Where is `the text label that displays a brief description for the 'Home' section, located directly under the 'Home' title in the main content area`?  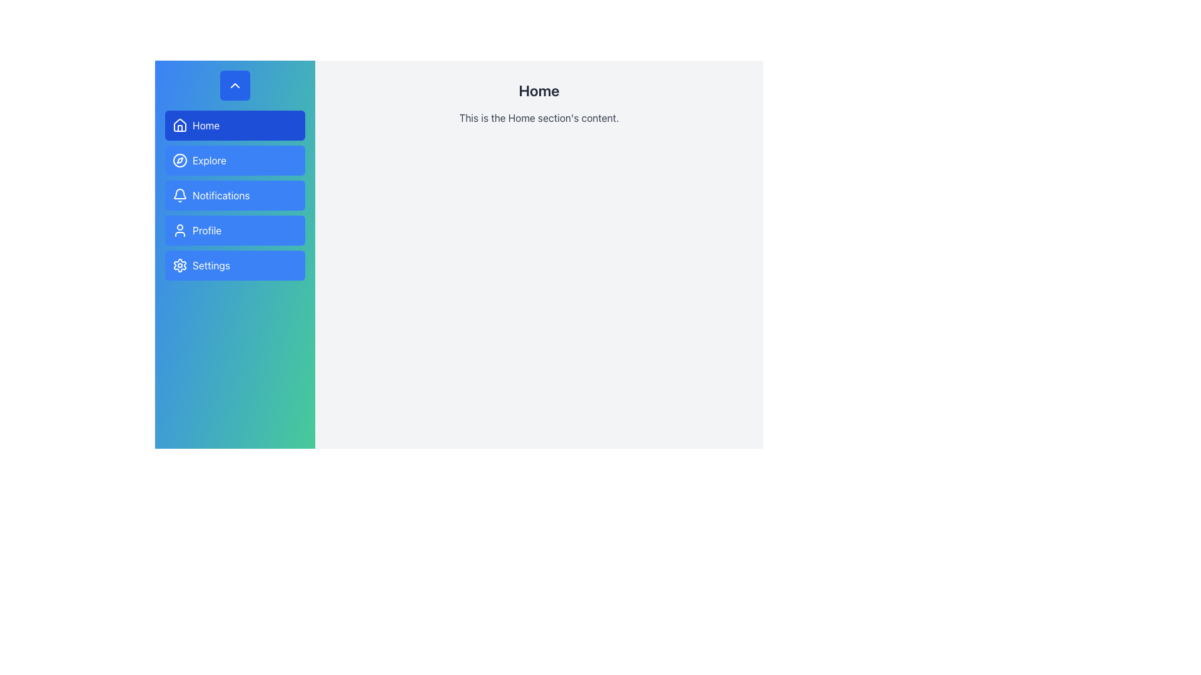 the text label that displays a brief description for the 'Home' section, located directly under the 'Home' title in the main content area is located at coordinates (539, 118).